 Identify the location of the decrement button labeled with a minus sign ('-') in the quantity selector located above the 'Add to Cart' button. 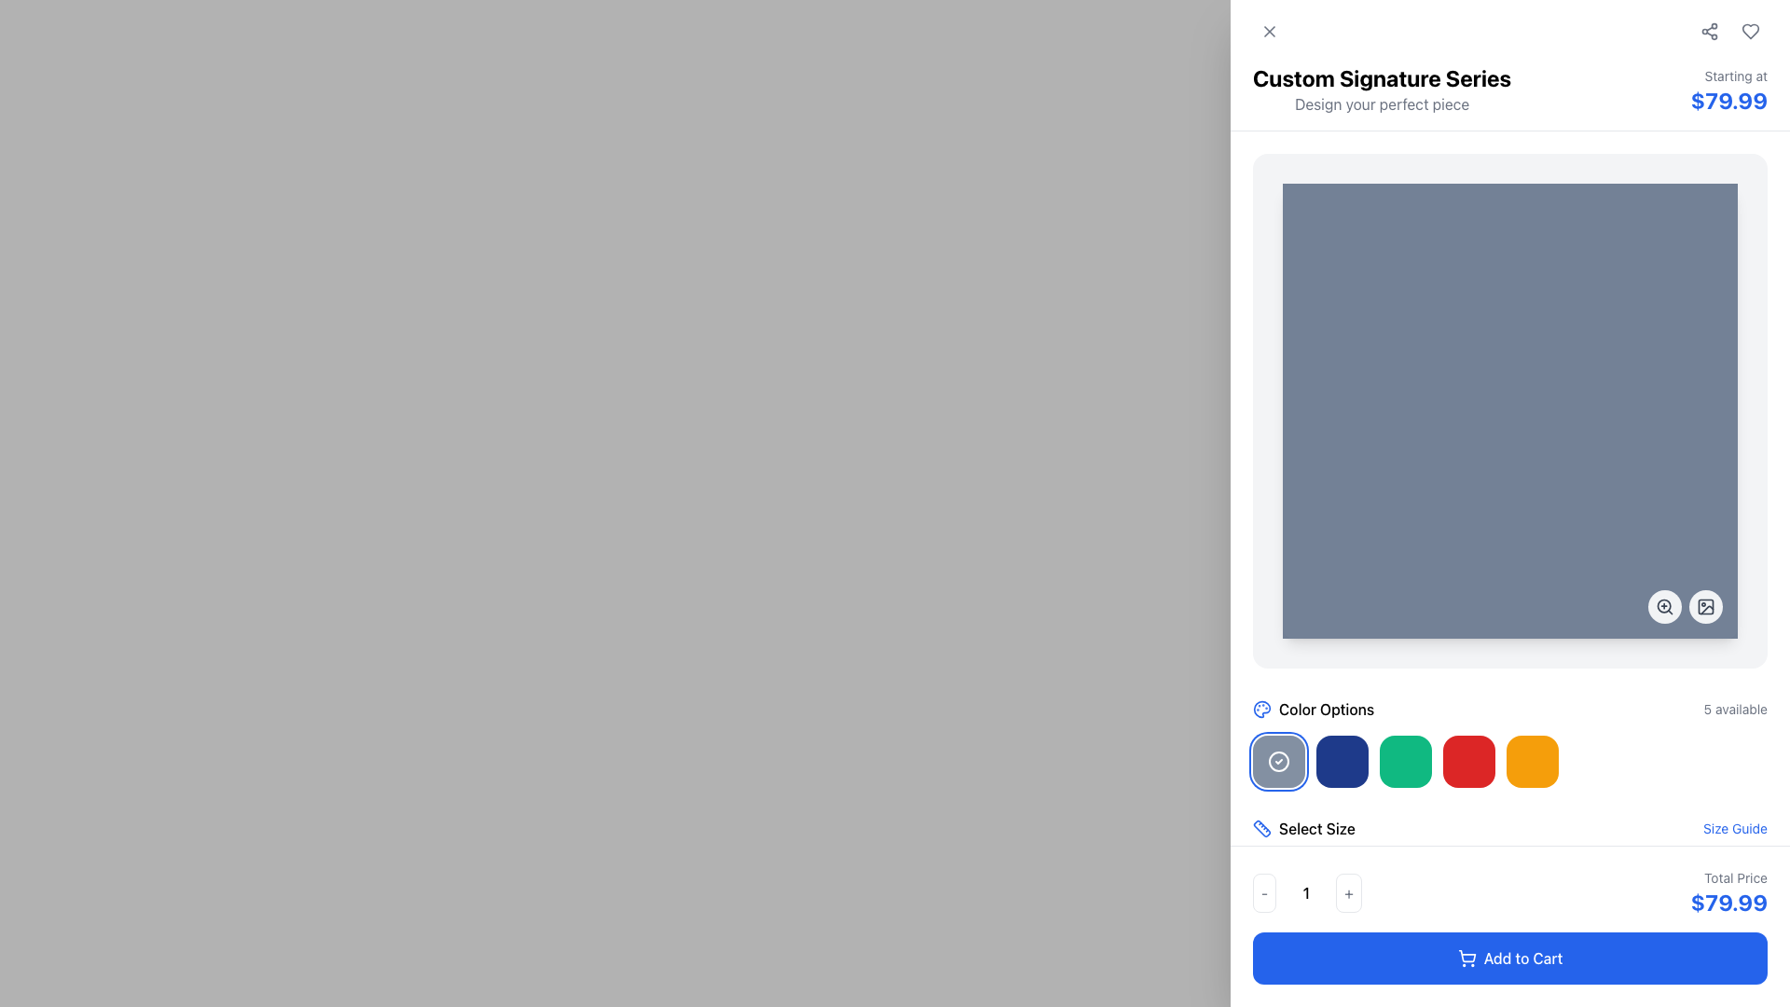
(1306, 891).